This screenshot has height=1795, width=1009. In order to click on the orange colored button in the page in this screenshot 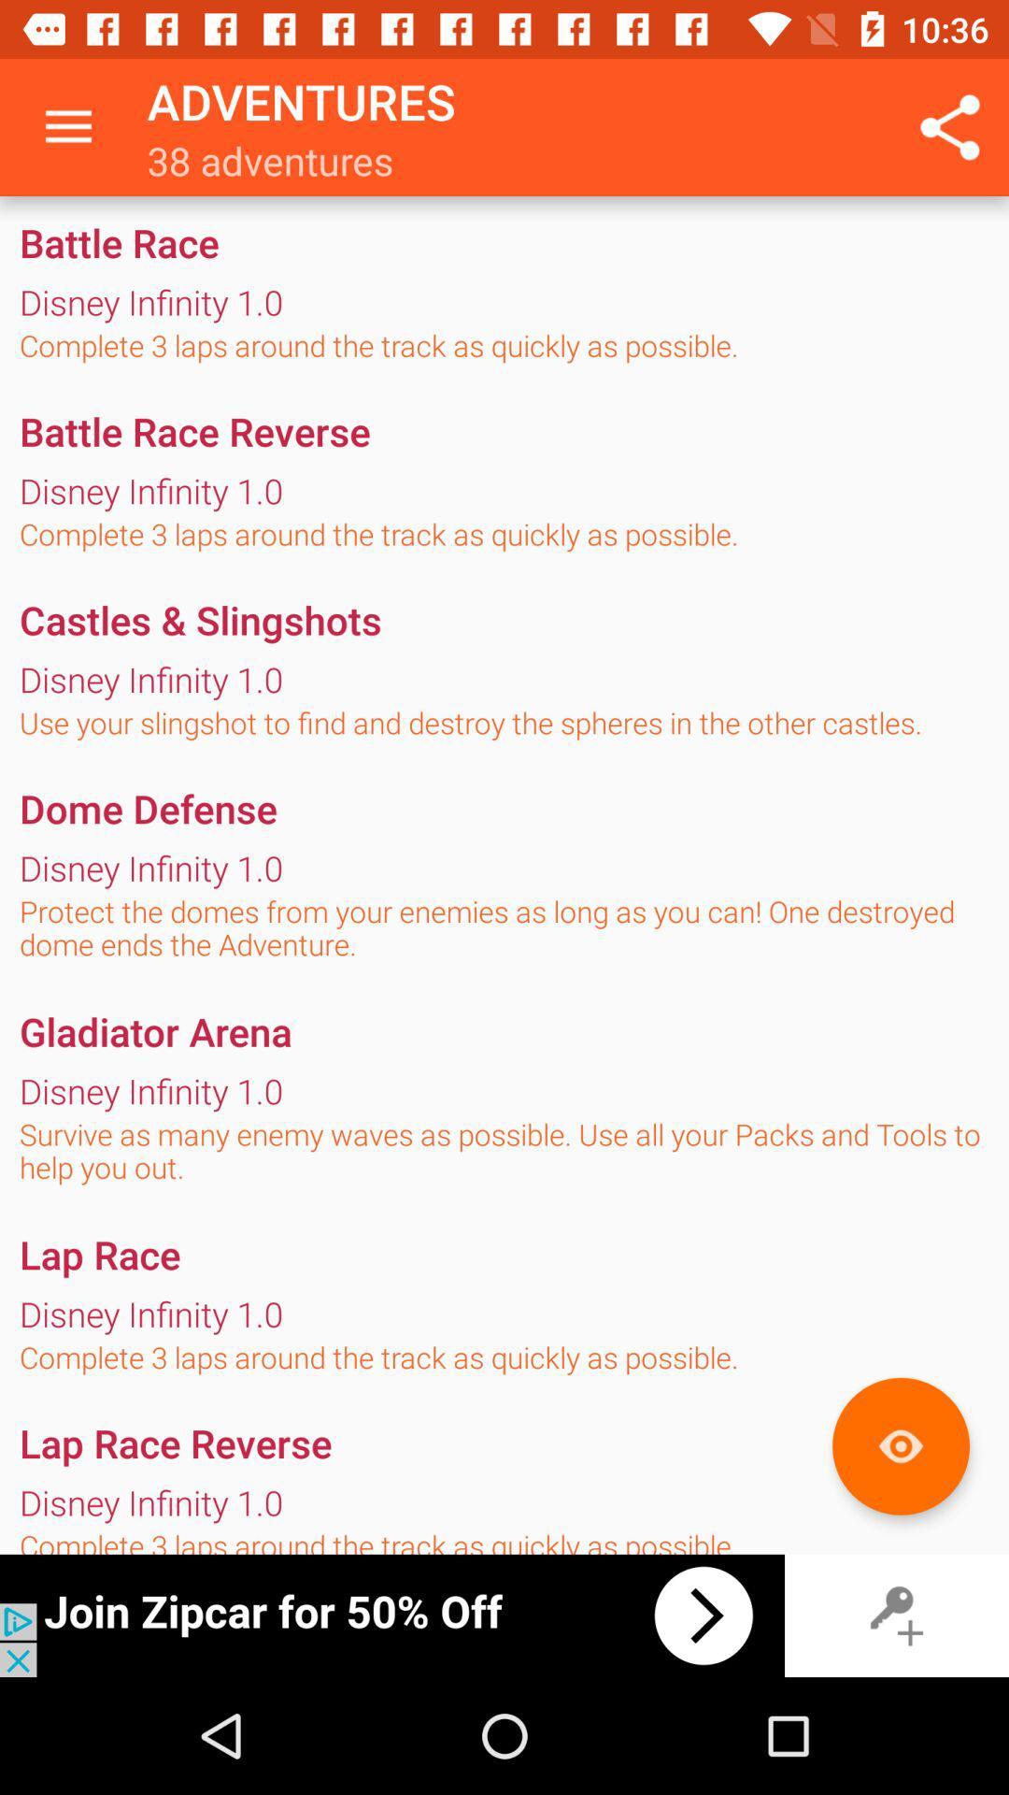, I will do `click(900, 1445)`.